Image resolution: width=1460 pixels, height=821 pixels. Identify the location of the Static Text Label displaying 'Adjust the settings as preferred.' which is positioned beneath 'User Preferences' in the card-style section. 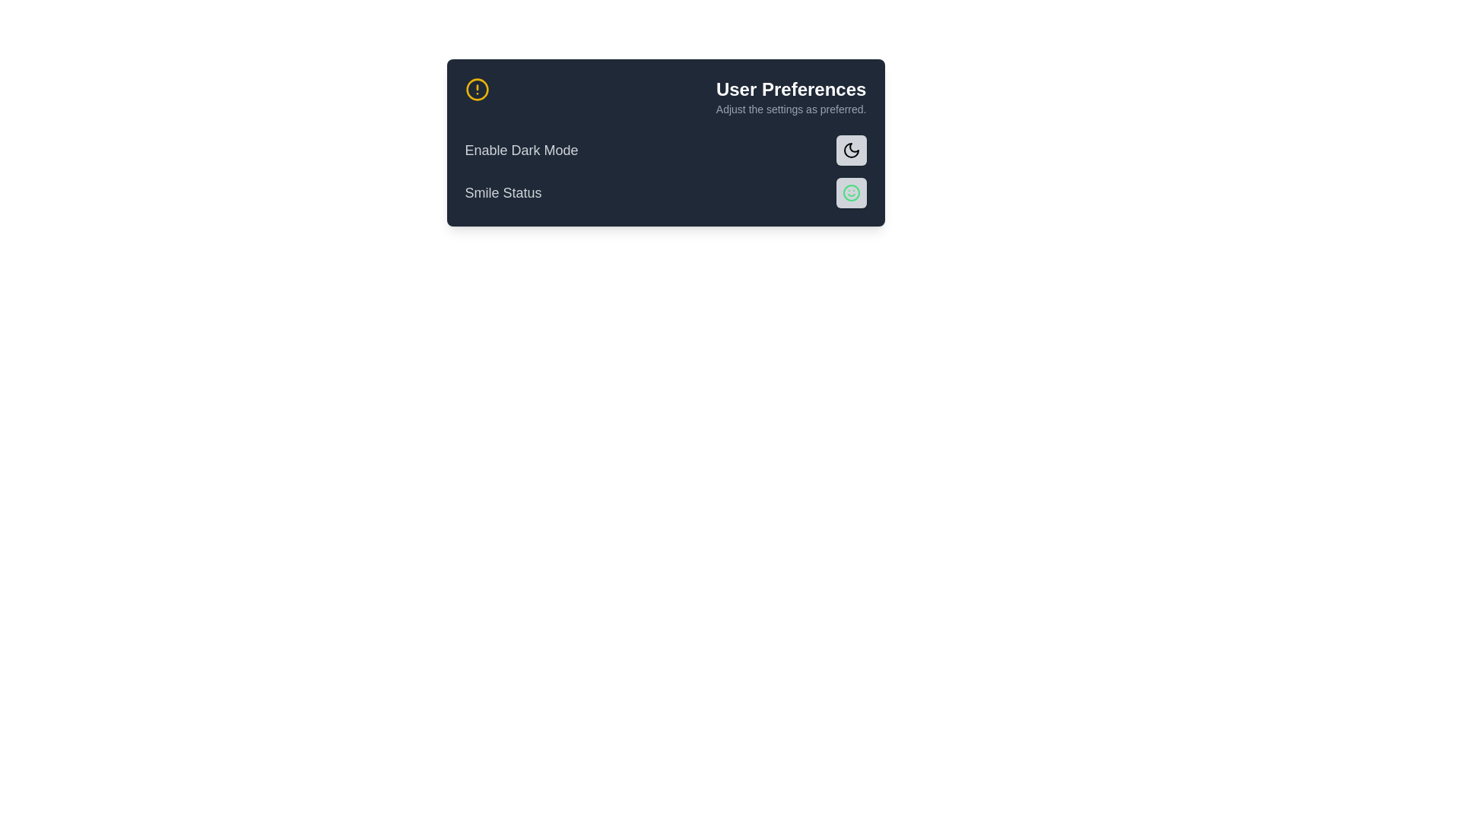
(791, 108).